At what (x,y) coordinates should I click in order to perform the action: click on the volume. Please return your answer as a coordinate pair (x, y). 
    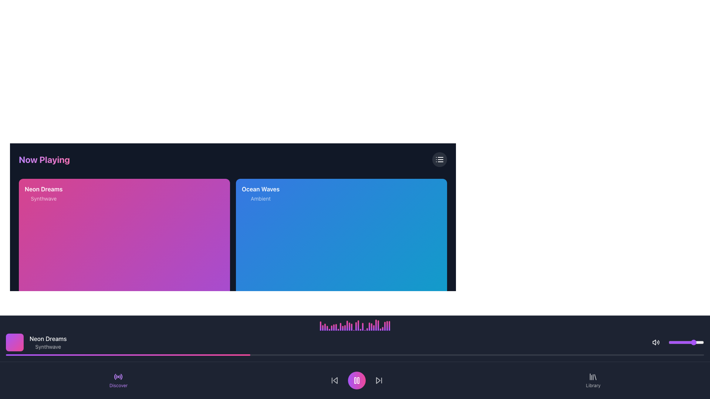
    Looking at the image, I should click on (674, 342).